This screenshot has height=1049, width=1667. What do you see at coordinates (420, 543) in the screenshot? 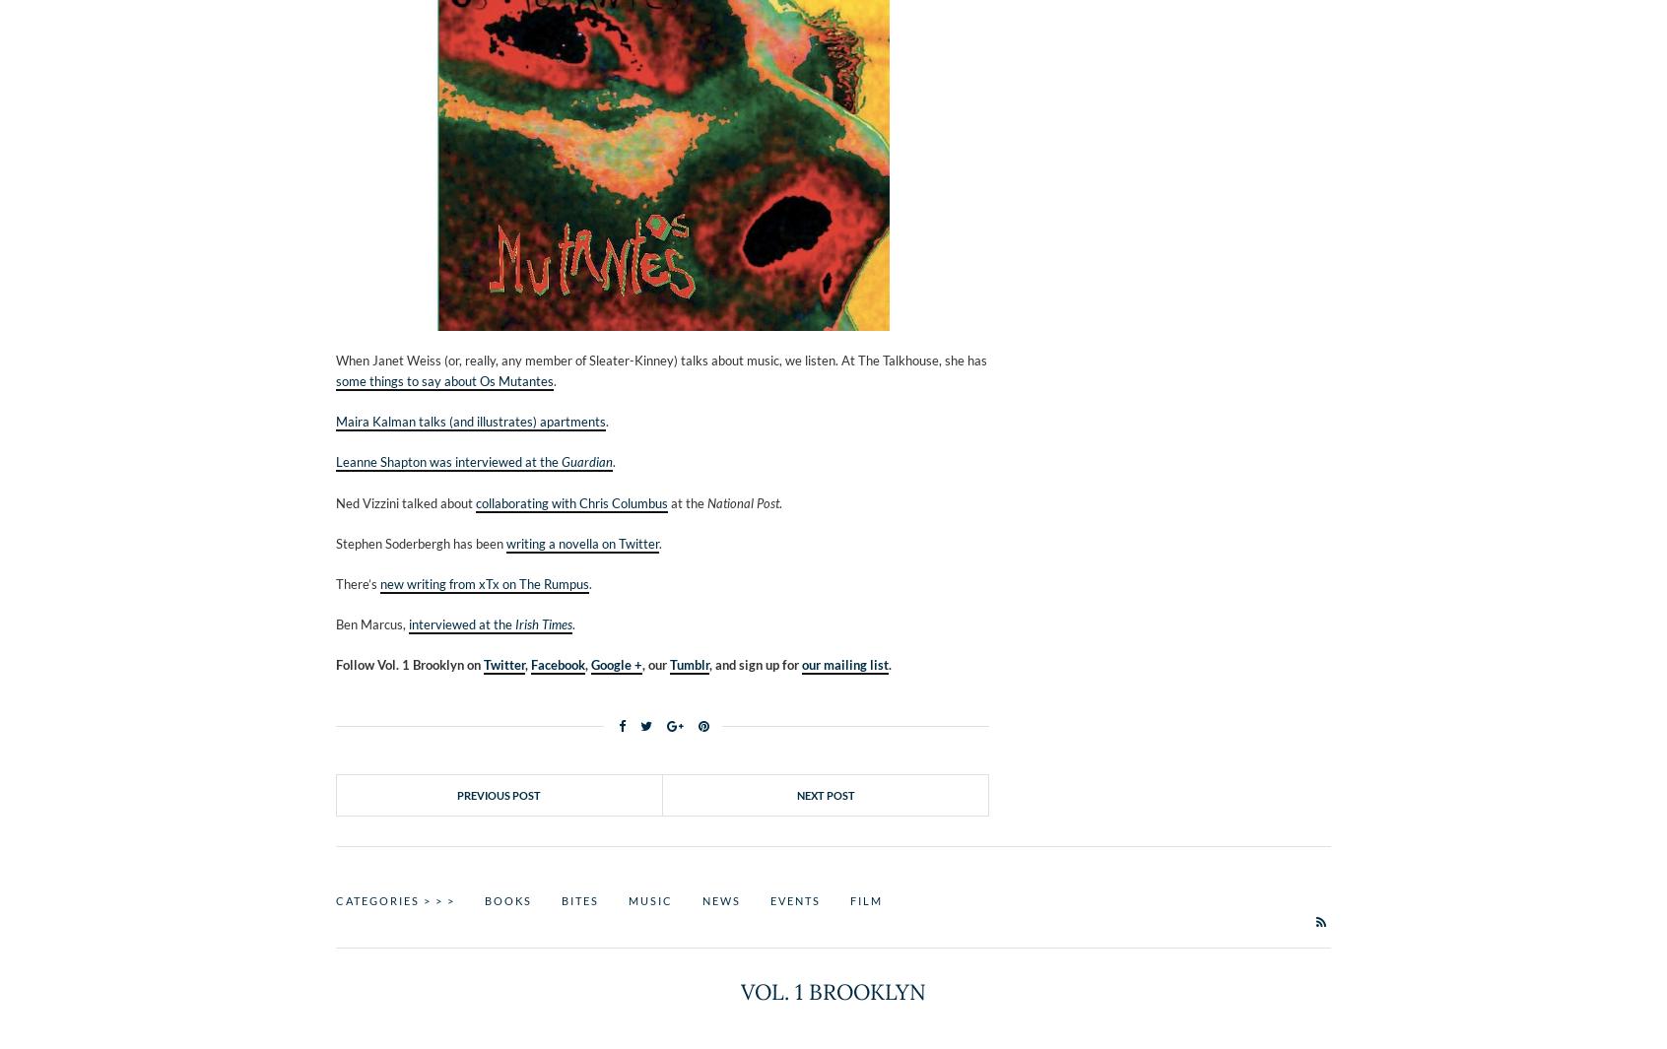
I see `'Stephen Soderbergh has been'` at bounding box center [420, 543].